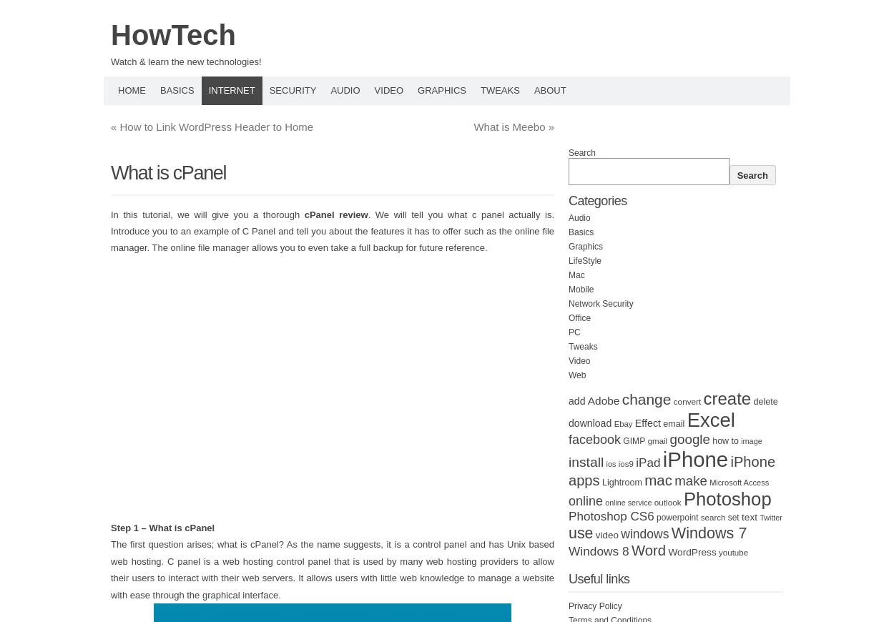  I want to click on 'delete', so click(765, 401).